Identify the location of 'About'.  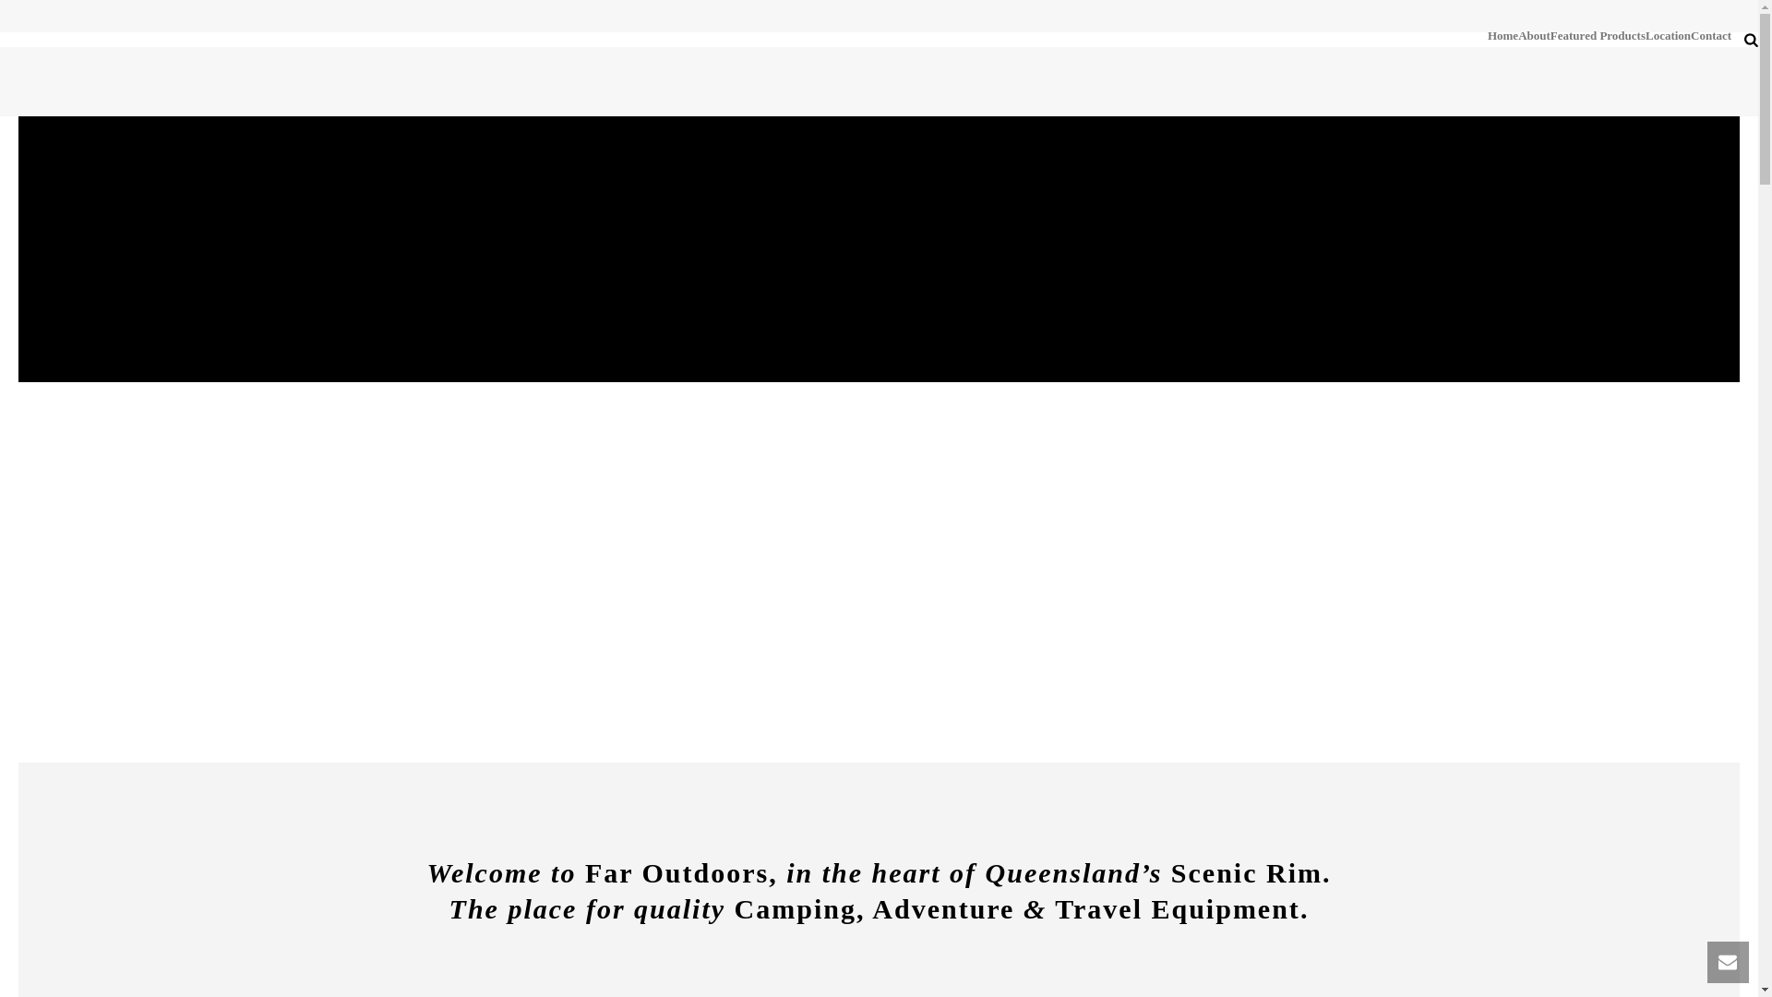
(1534, 35).